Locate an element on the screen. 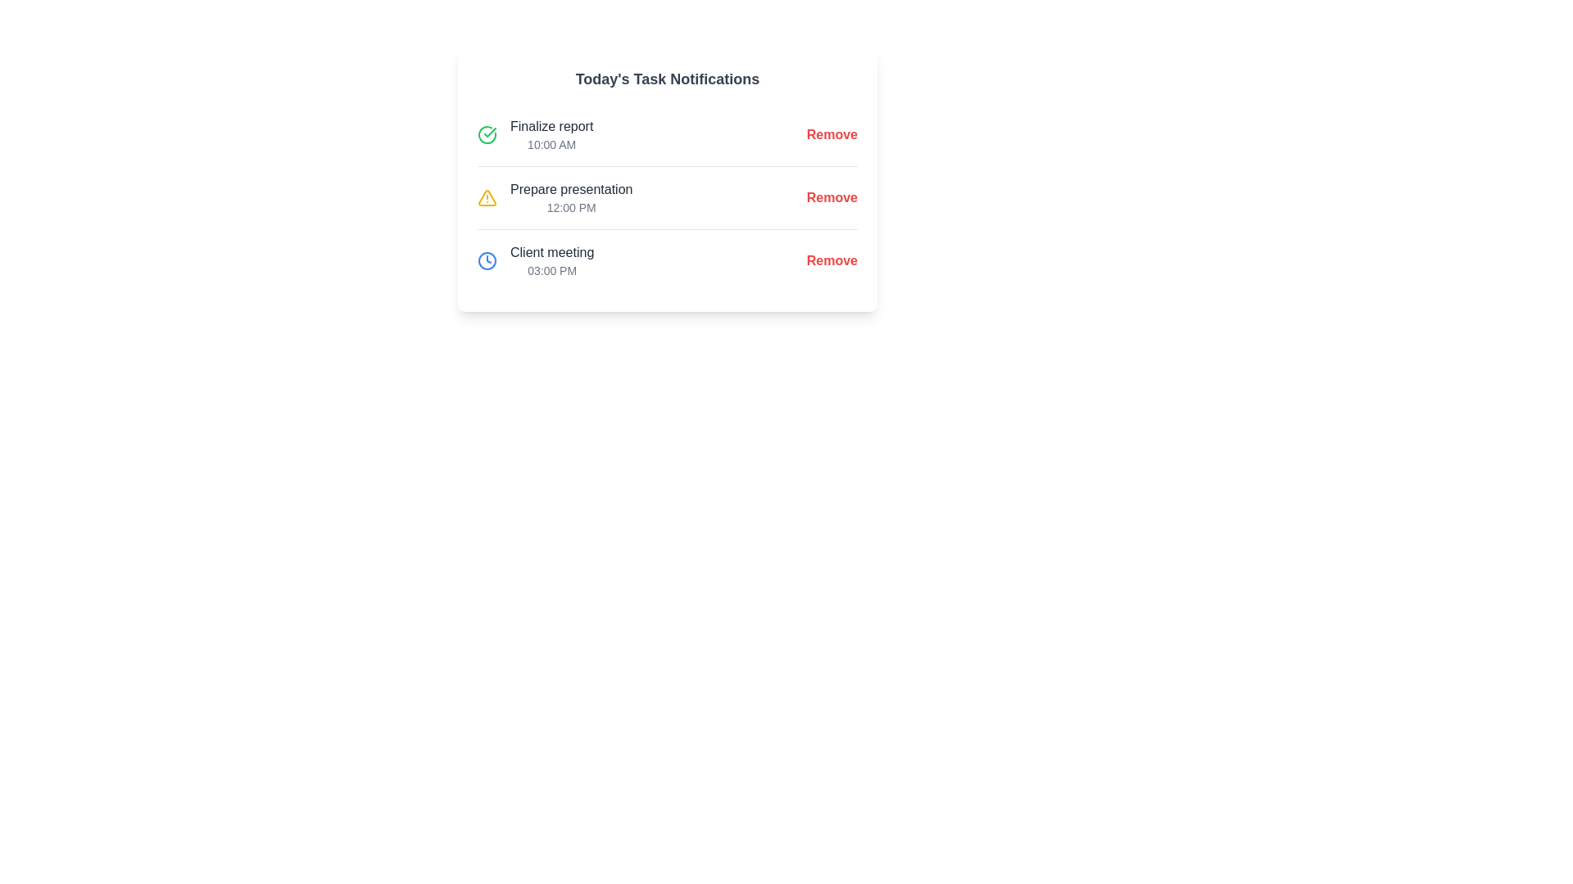 This screenshot has width=1573, height=884. task details of the third task item titled 'Client meeting' with the time '03:00 PM' located under 'Today's Task Notifications' is located at coordinates (668, 259).